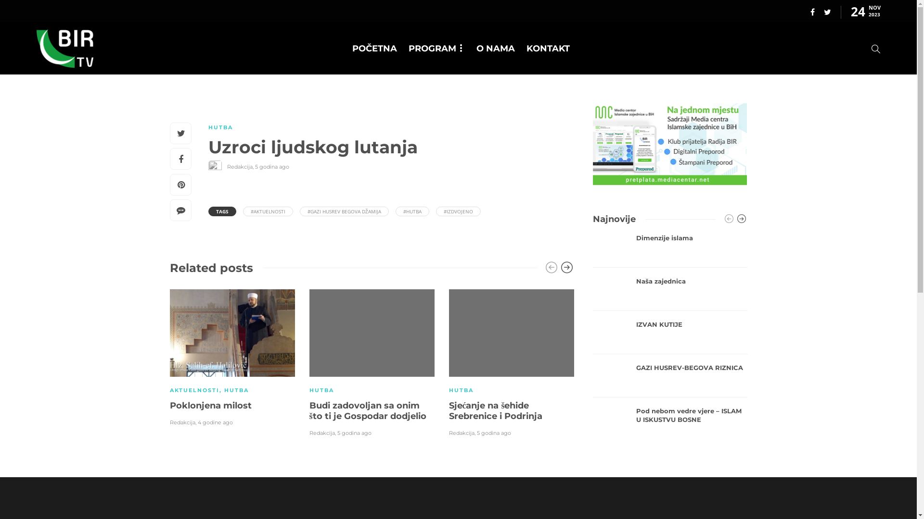 This screenshot has width=924, height=519. I want to click on 'PROGRAM', so click(436, 48).